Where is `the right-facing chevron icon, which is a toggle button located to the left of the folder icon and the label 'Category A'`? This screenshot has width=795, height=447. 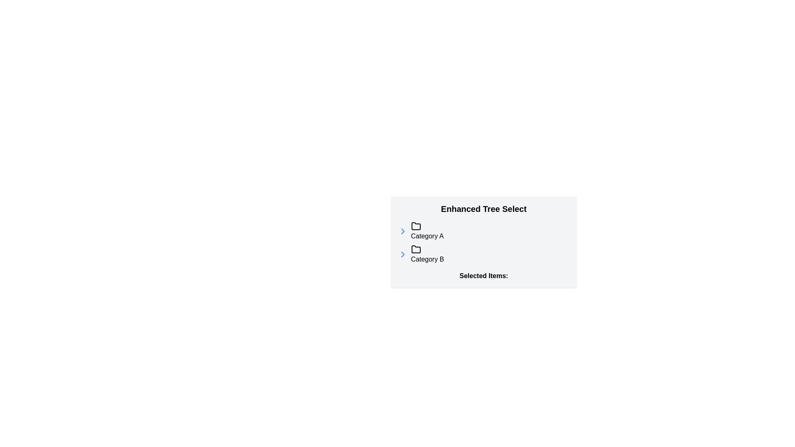
the right-facing chevron icon, which is a toggle button located to the left of the folder icon and the label 'Category A' is located at coordinates (402, 231).